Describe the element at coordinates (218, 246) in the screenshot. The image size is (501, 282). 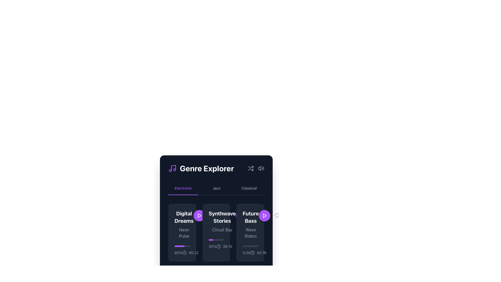
I see `the clock icon graphic located in the second item of the horizontal list of cards under the 'Electronic' tab in the 'Genre Explorer' section, positioned to the left of the time '38:15'` at that location.